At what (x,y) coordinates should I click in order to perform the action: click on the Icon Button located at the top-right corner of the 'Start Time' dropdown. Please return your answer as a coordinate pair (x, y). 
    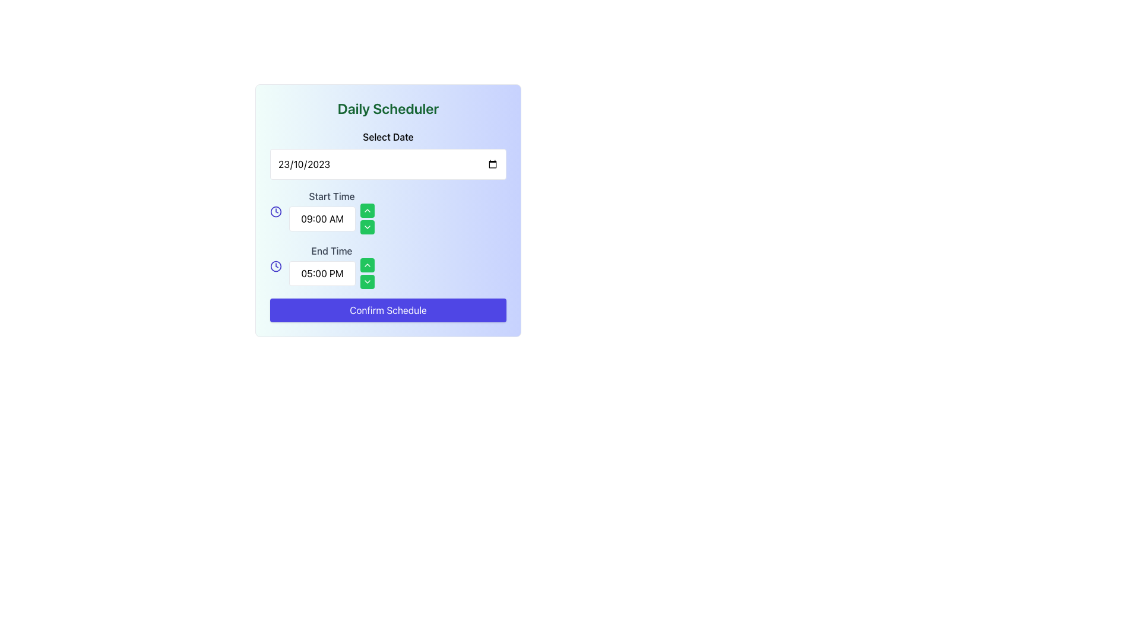
    Looking at the image, I should click on (367, 227).